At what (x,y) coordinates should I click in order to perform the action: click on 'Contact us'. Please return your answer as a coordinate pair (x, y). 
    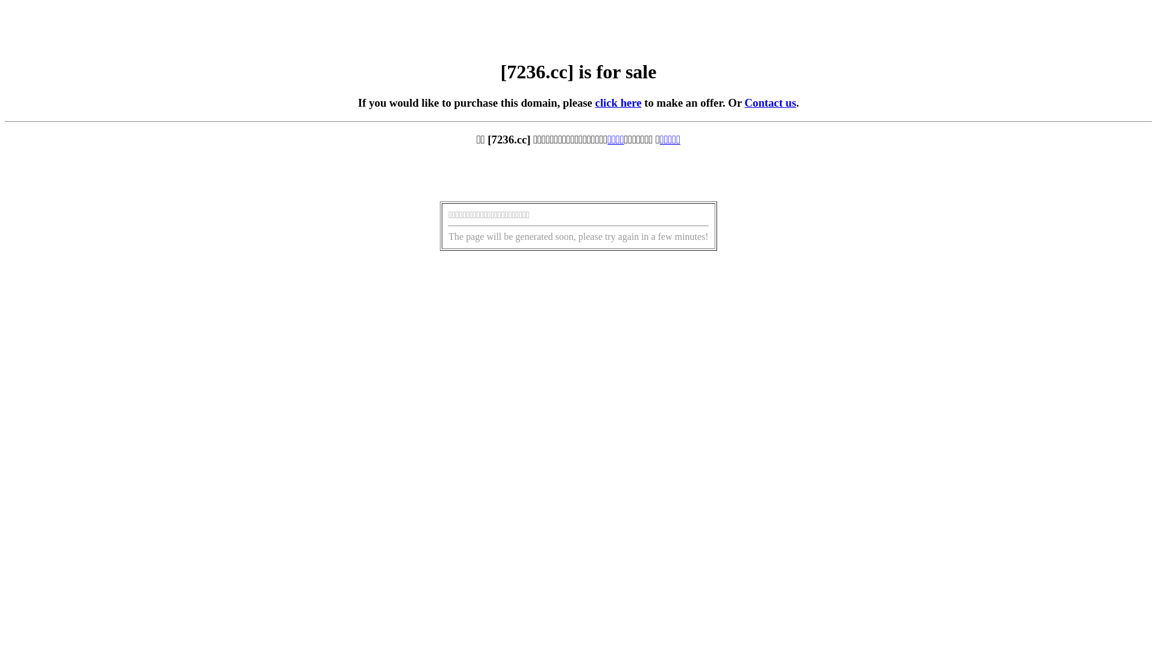
    Looking at the image, I should click on (770, 102).